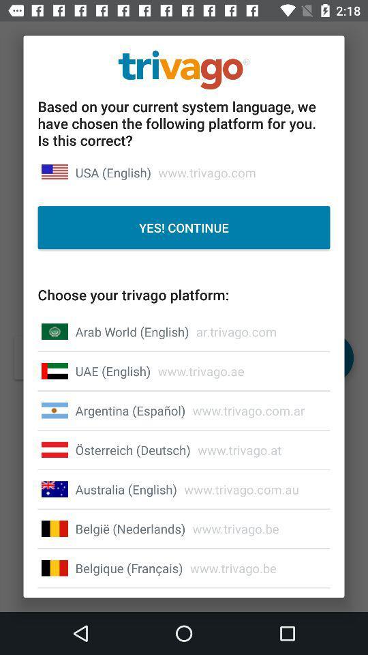 This screenshot has height=655, width=368. Describe the element at coordinates (129, 568) in the screenshot. I see `item next to the www.trivago.be` at that location.